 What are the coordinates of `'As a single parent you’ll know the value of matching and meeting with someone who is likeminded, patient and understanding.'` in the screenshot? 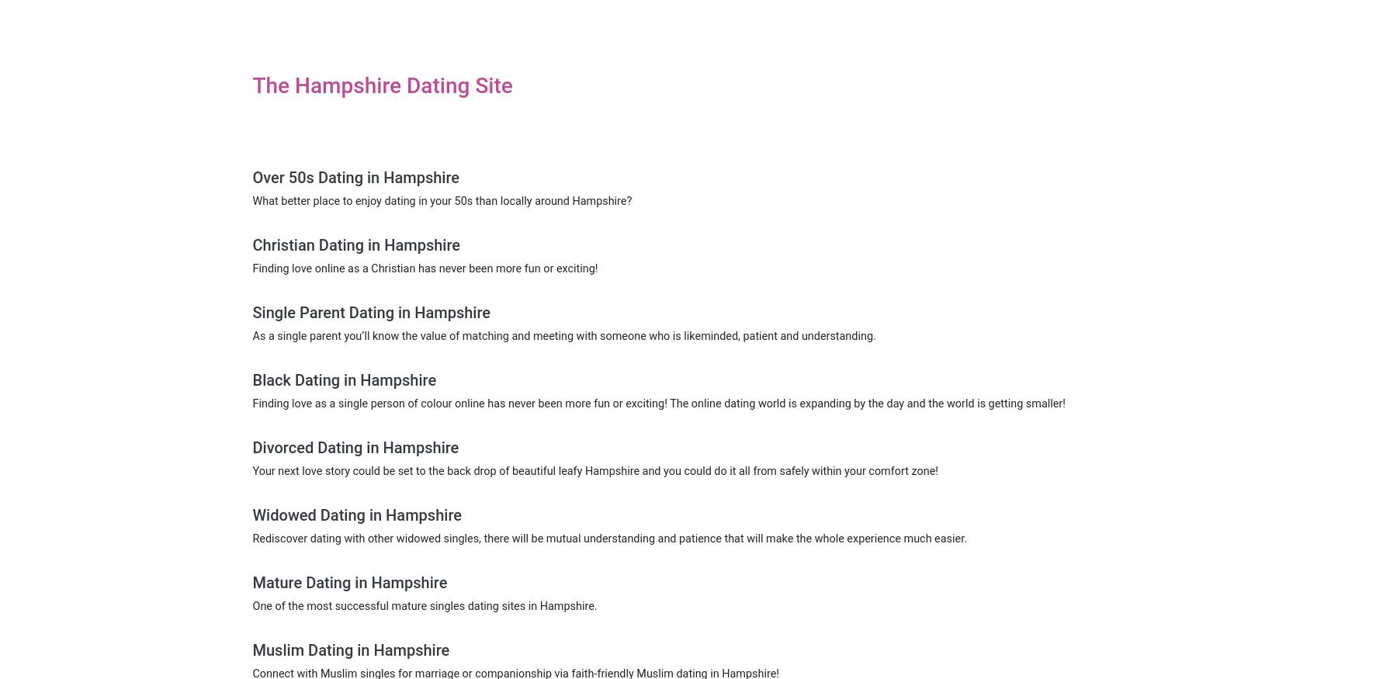 It's located at (563, 335).